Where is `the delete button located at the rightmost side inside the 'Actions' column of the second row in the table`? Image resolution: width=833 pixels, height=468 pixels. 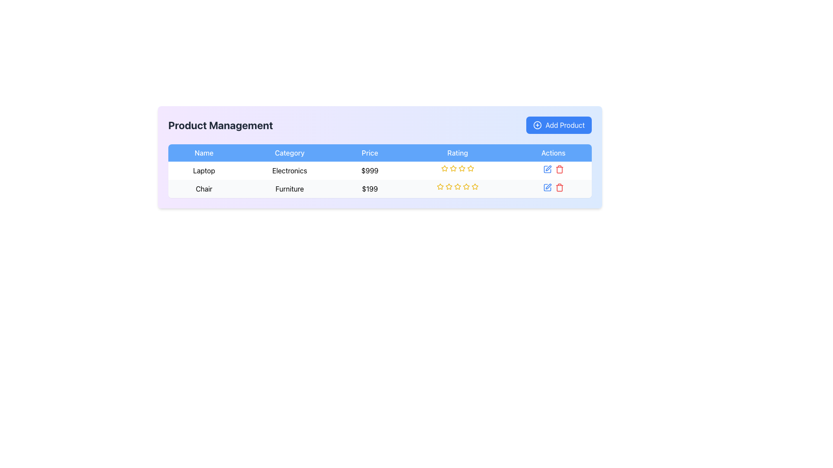
the delete button located at the rightmost side inside the 'Actions' column of the second row in the table is located at coordinates (559, 187).